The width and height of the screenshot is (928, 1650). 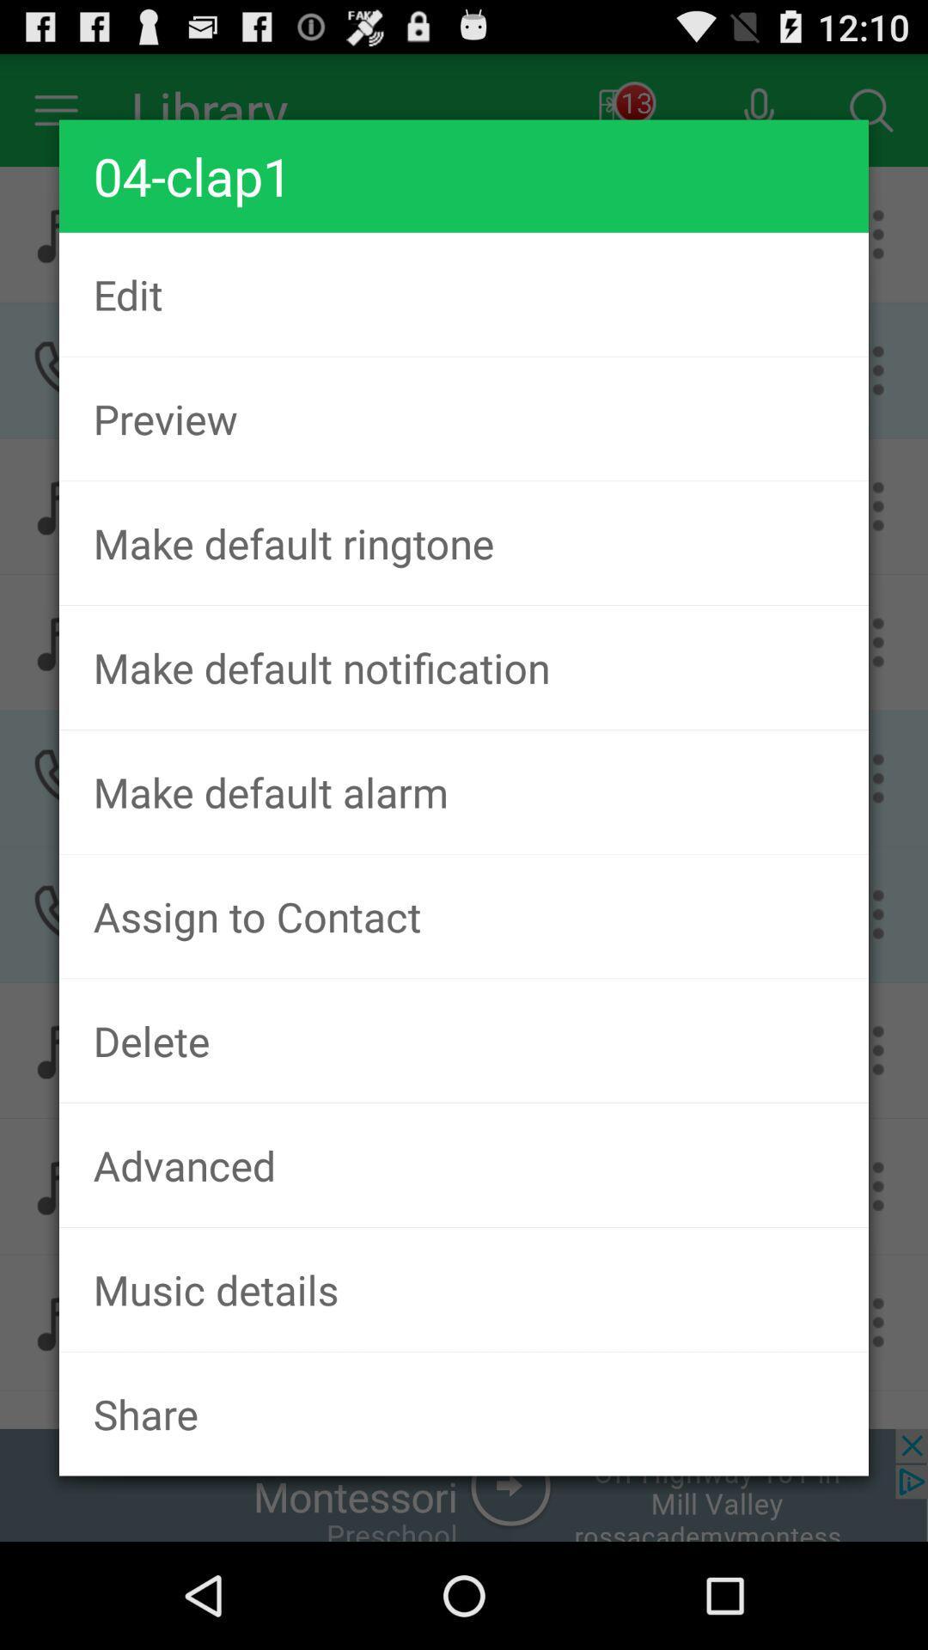 I want to click on the advanced icon, so click(x=464, y=1164).